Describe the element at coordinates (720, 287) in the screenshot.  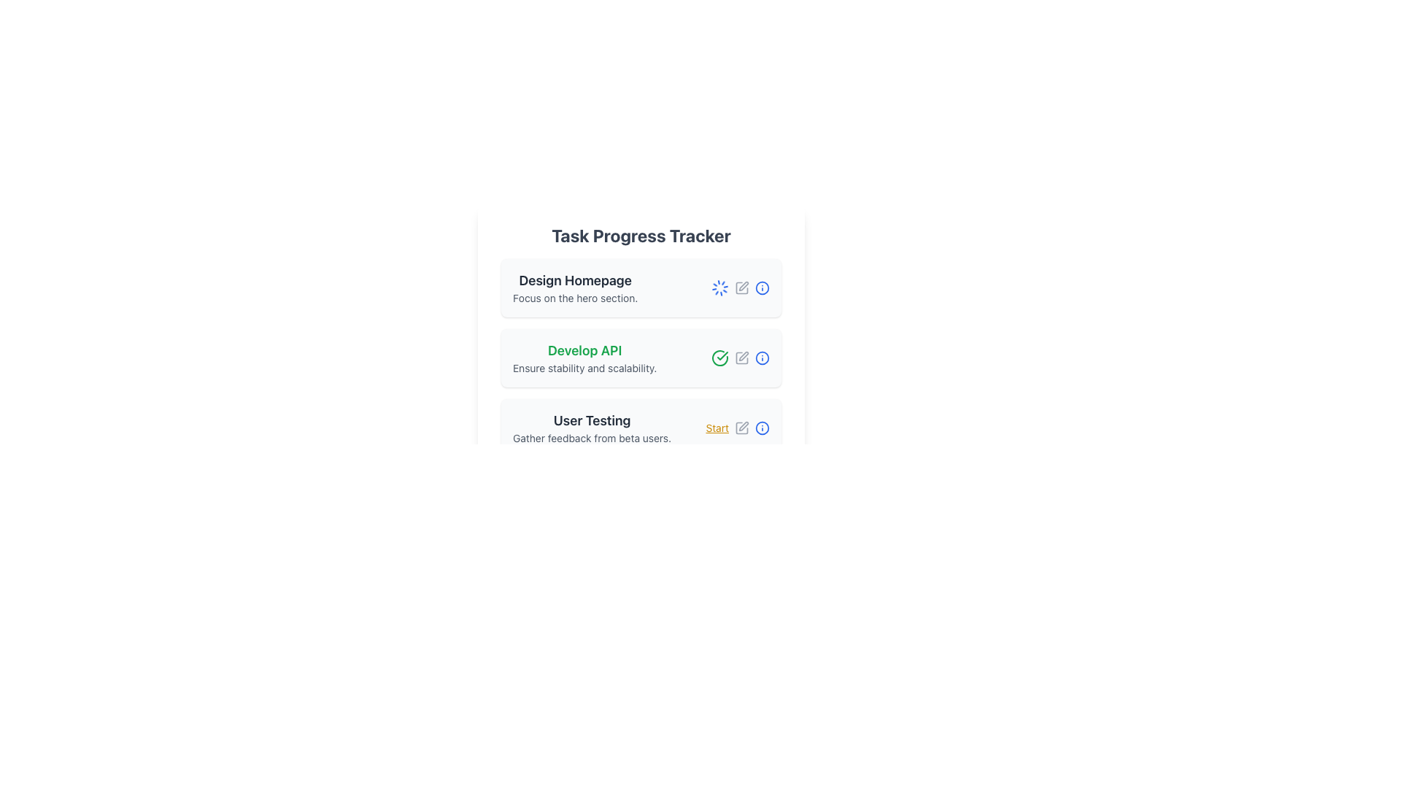
I see `the small circular blue loading spinner located within the first task card labeled 'Design Homepage', positioned near the edit icon` at that location.